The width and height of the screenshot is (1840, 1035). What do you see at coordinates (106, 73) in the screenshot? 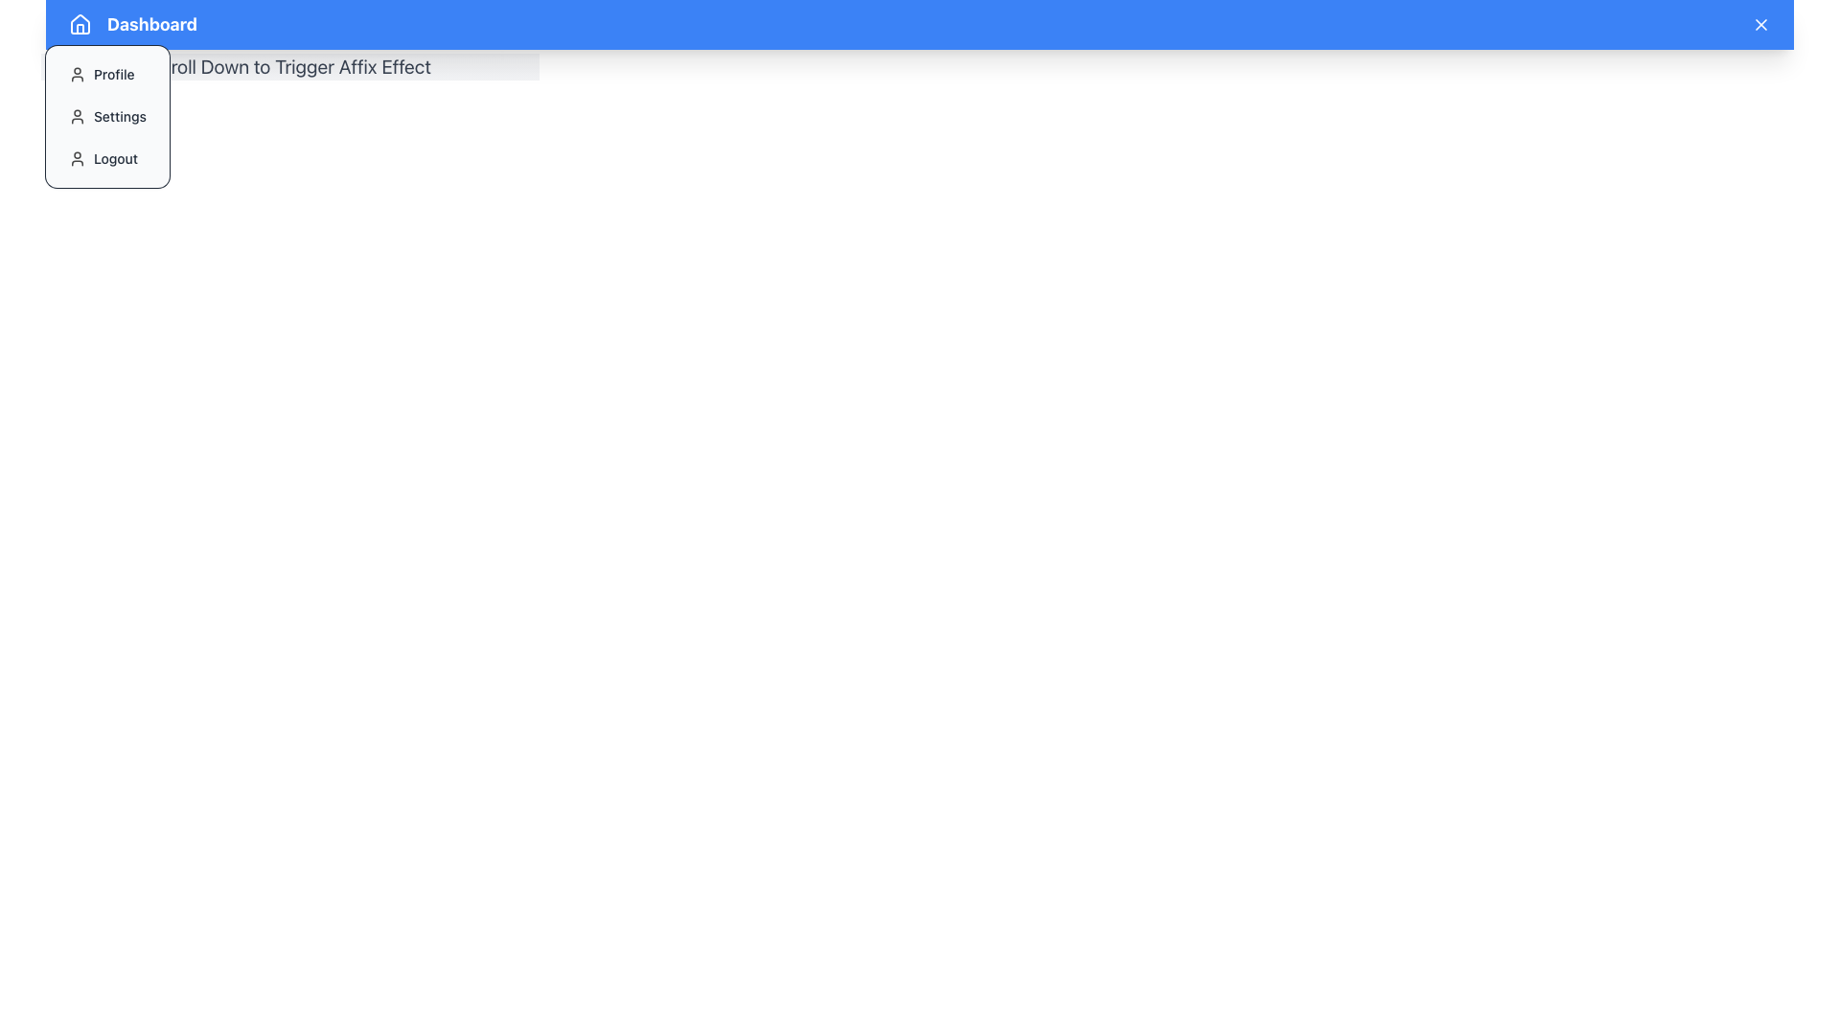
I see `the topmost list item labeled 'Profile'` at bounding box center [106, 73].